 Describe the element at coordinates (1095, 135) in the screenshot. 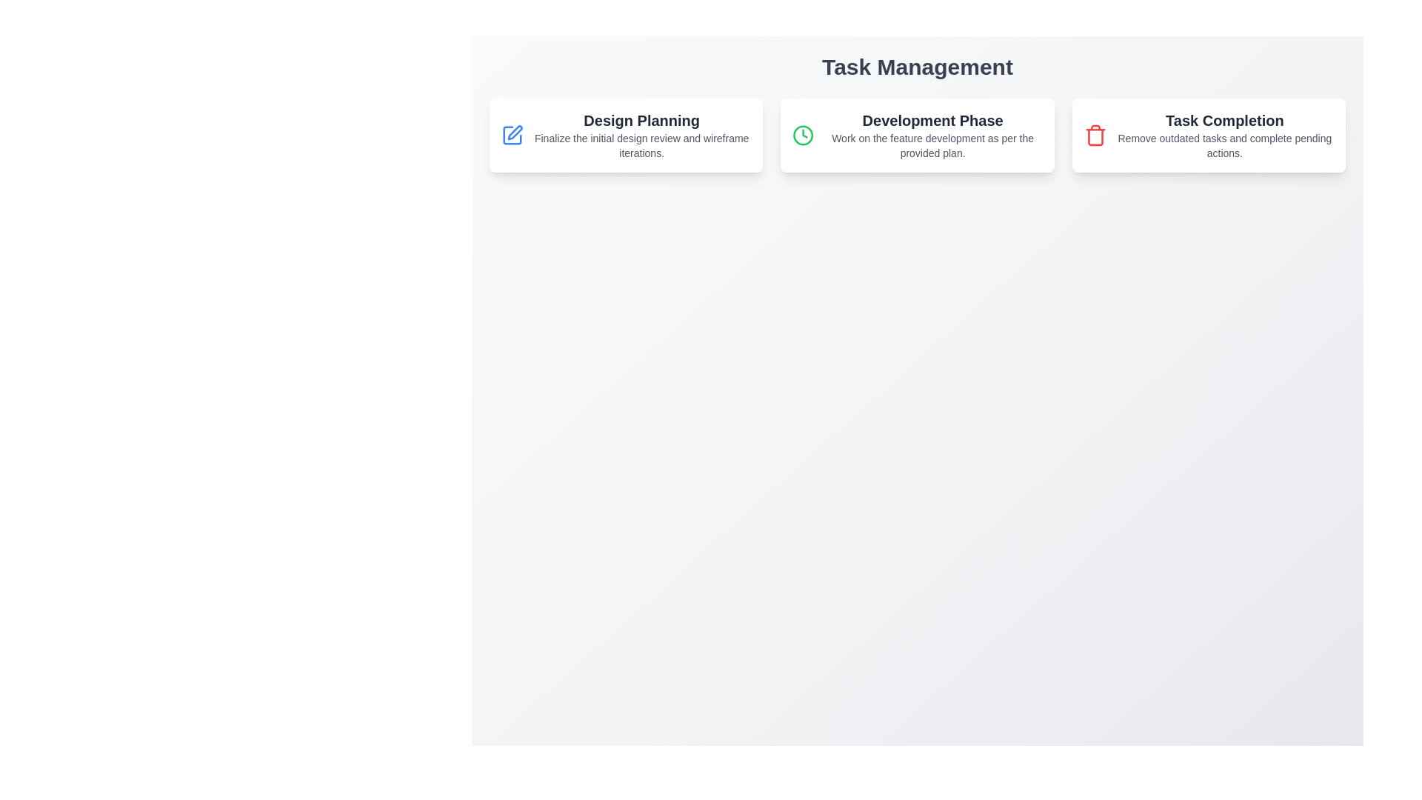

I see `the delete icon located to the left of the 'Task Completion' text in the third card from the left at the top row of the interface` at that location.